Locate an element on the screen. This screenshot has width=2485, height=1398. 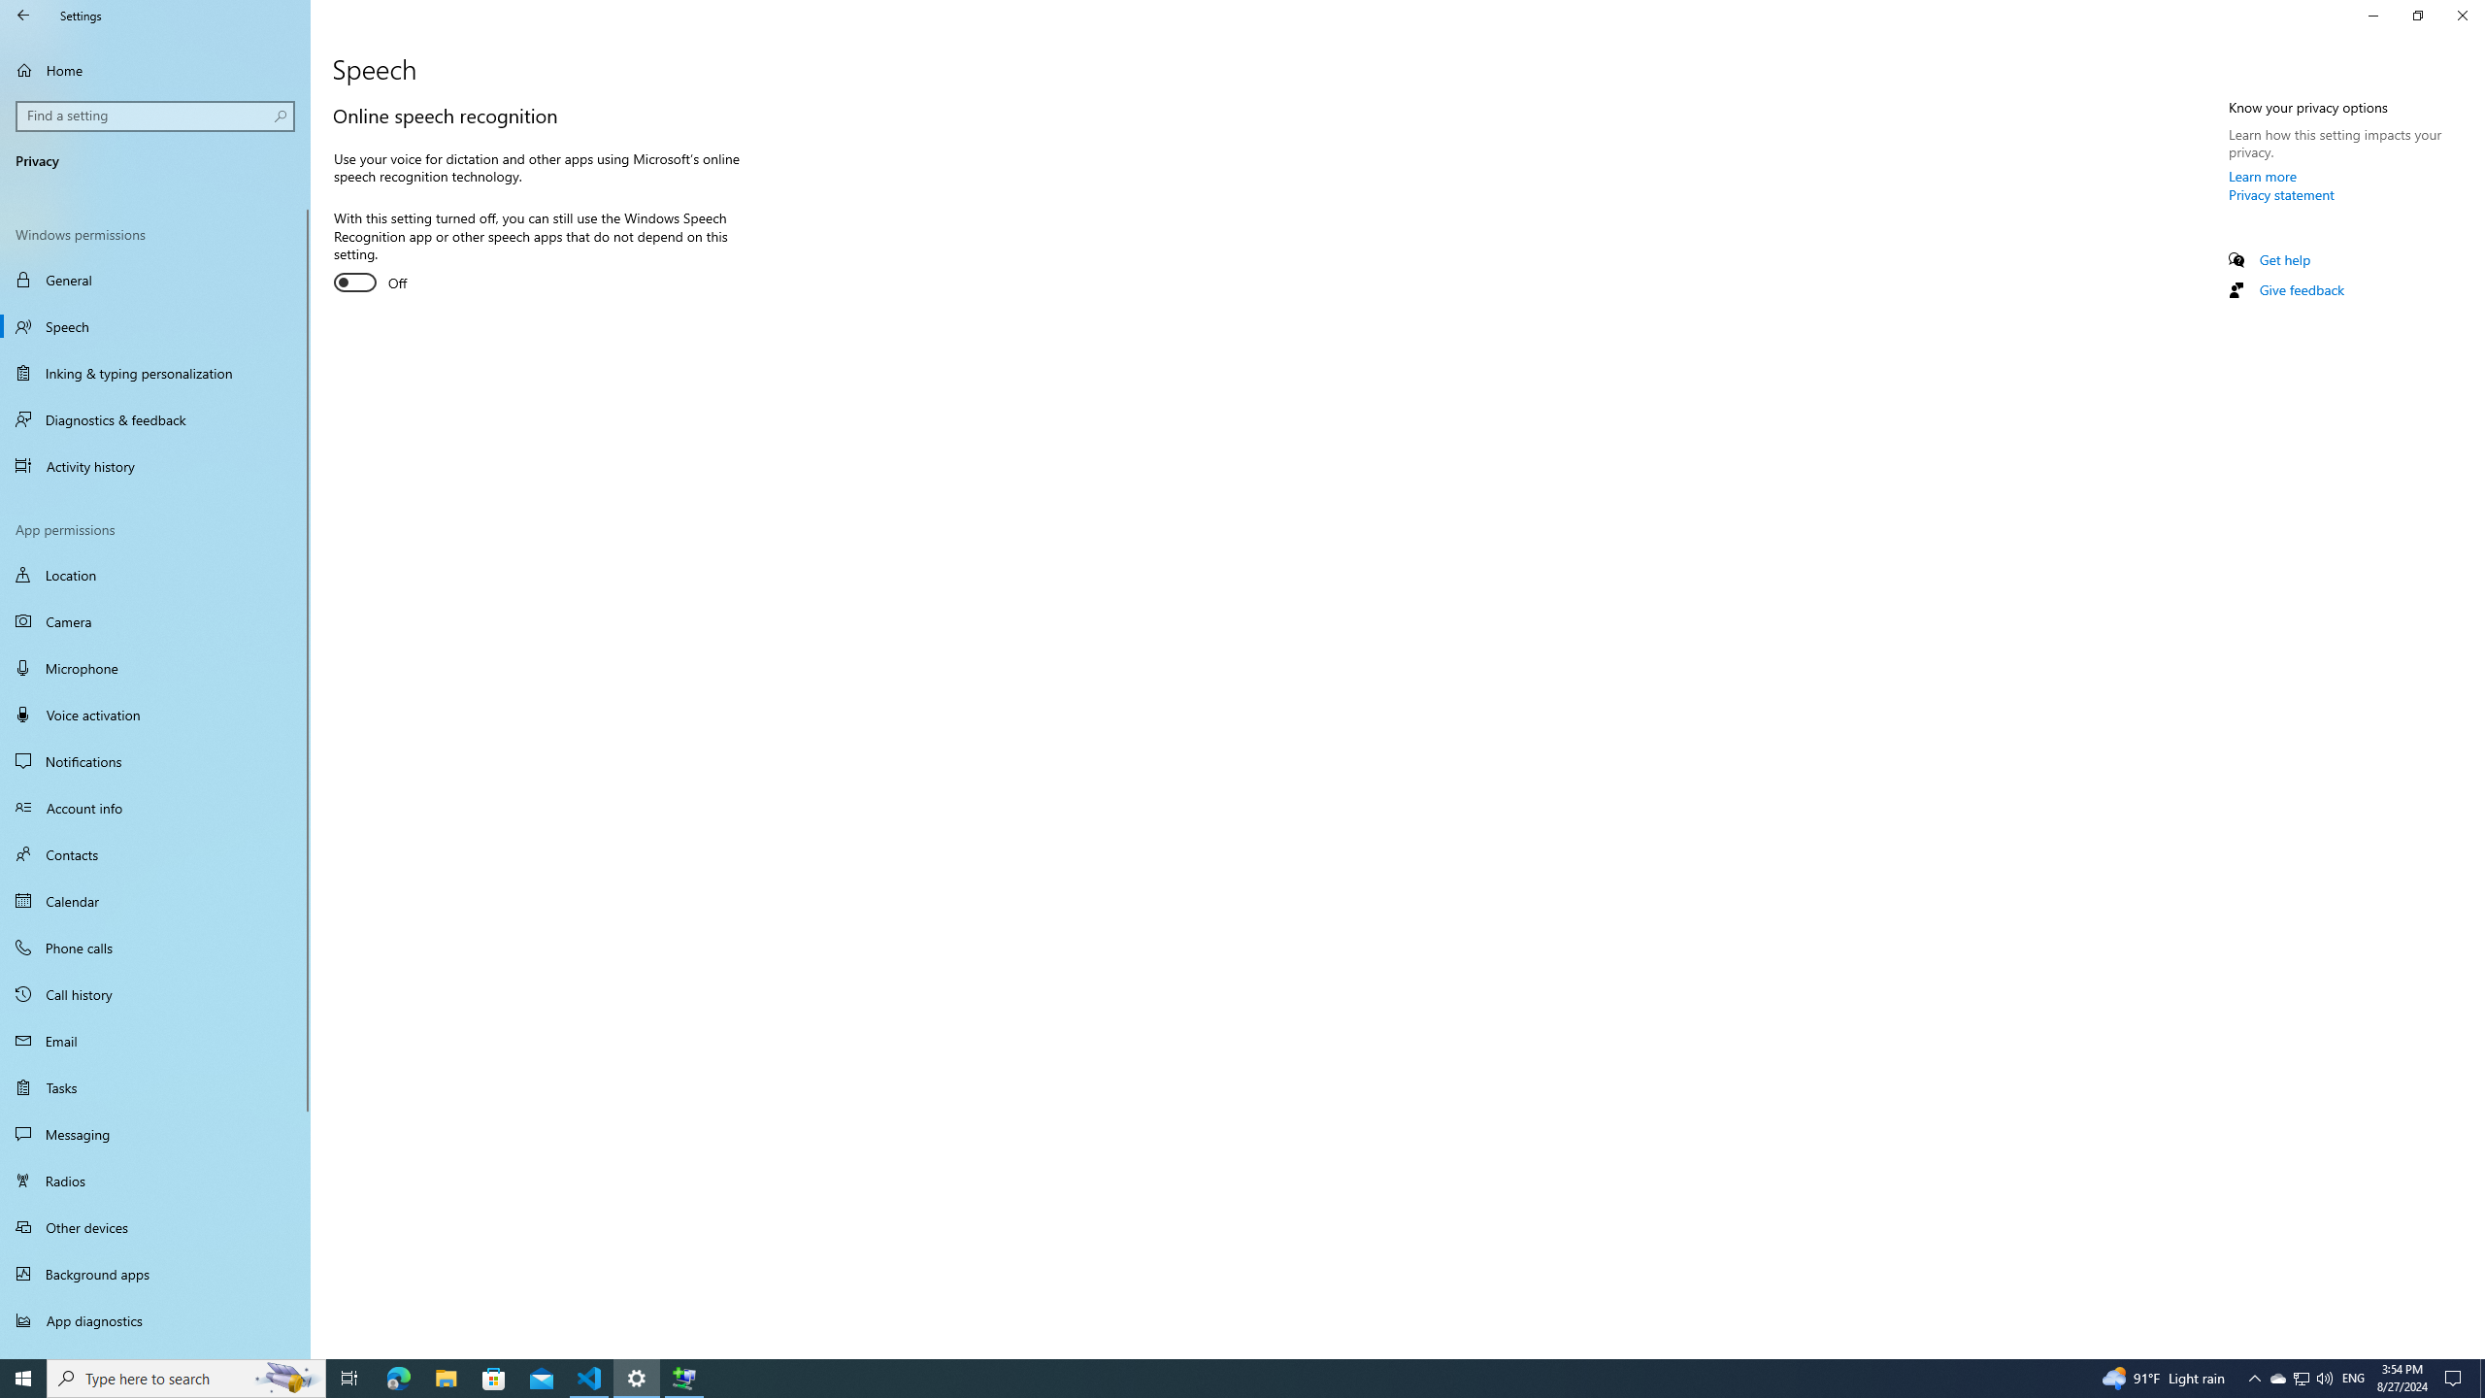
'Notifications' is located at coordinates (154, 761).